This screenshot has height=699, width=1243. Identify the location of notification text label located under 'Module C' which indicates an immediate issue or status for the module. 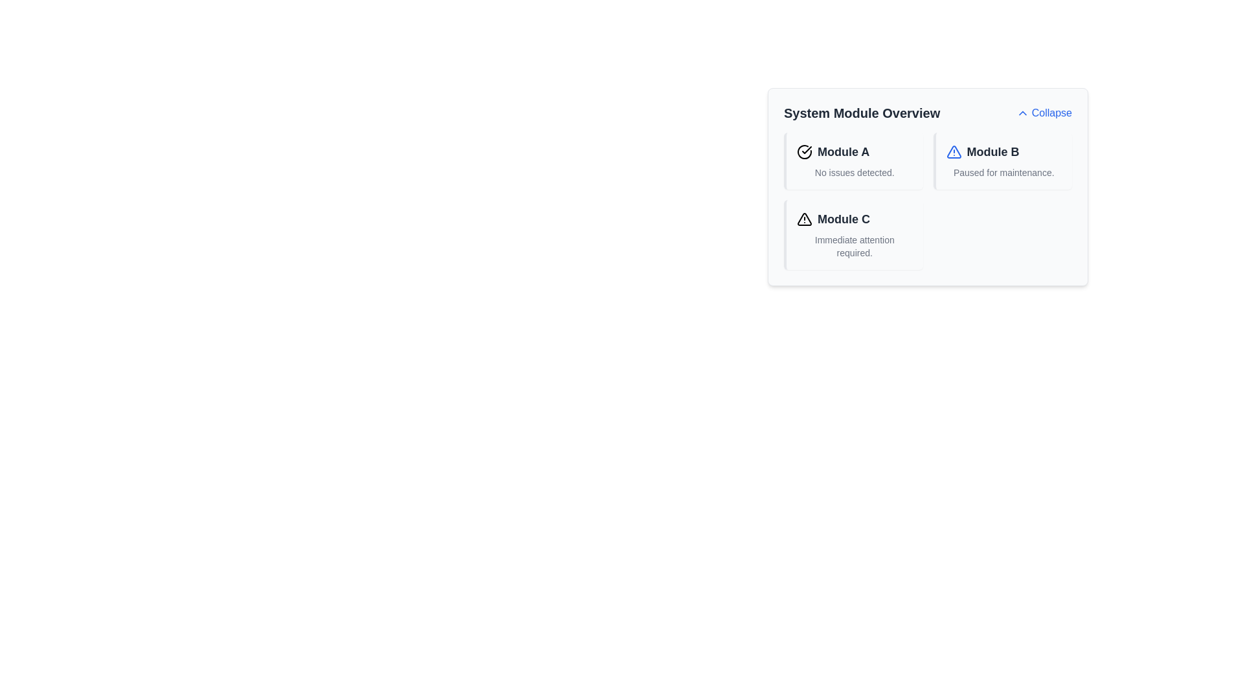
(855, 247).